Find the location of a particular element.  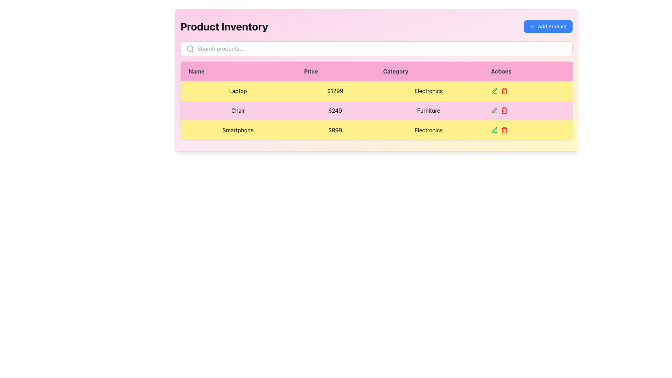

the Text Label displaying the name 'Chair' located in the second row of the table under the 'Name' column is located at coordinates (238, 110).